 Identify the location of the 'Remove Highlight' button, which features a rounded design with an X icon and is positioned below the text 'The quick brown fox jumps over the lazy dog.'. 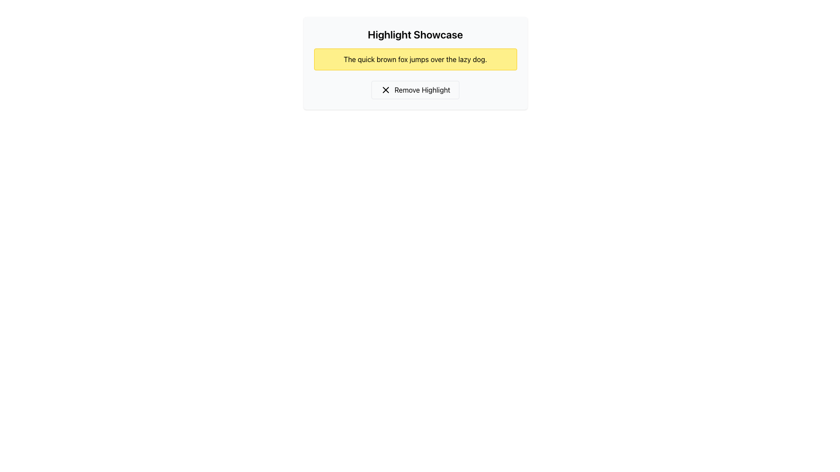
(415, 90).